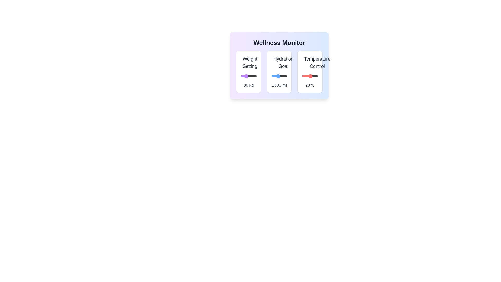 The height and width of the screenshot is (282, 501). Describe the element at coordinates (243, 76) in the screenshot. I see `the weight setting` at that location.